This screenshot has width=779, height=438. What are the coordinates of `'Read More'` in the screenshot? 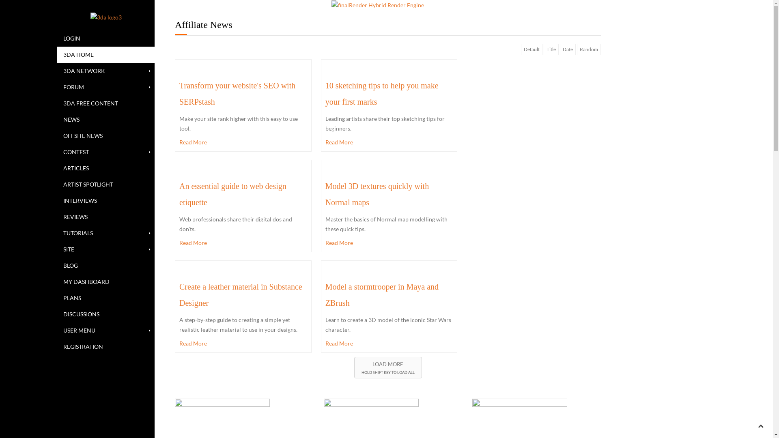 It's located at (325, 344).